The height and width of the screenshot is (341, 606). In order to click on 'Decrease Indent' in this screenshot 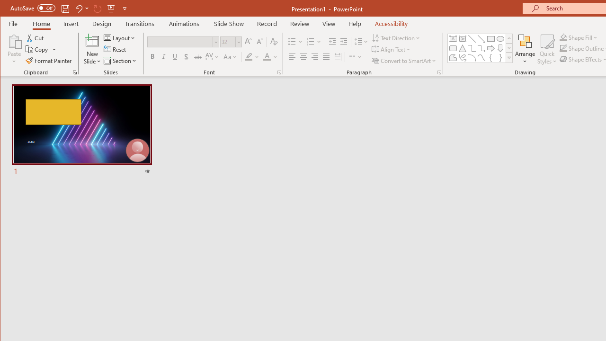, I will do `click(332, 41)`.